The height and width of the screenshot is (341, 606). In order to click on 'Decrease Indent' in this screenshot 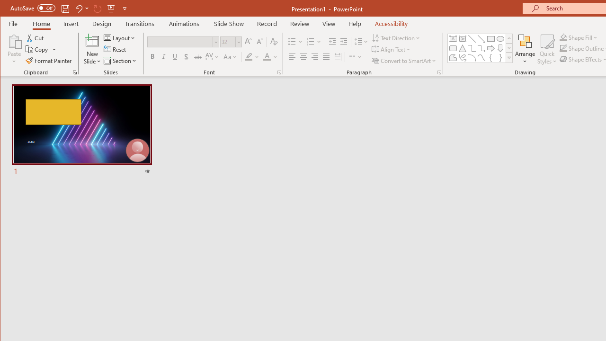, I will do `click(332, 41)`.